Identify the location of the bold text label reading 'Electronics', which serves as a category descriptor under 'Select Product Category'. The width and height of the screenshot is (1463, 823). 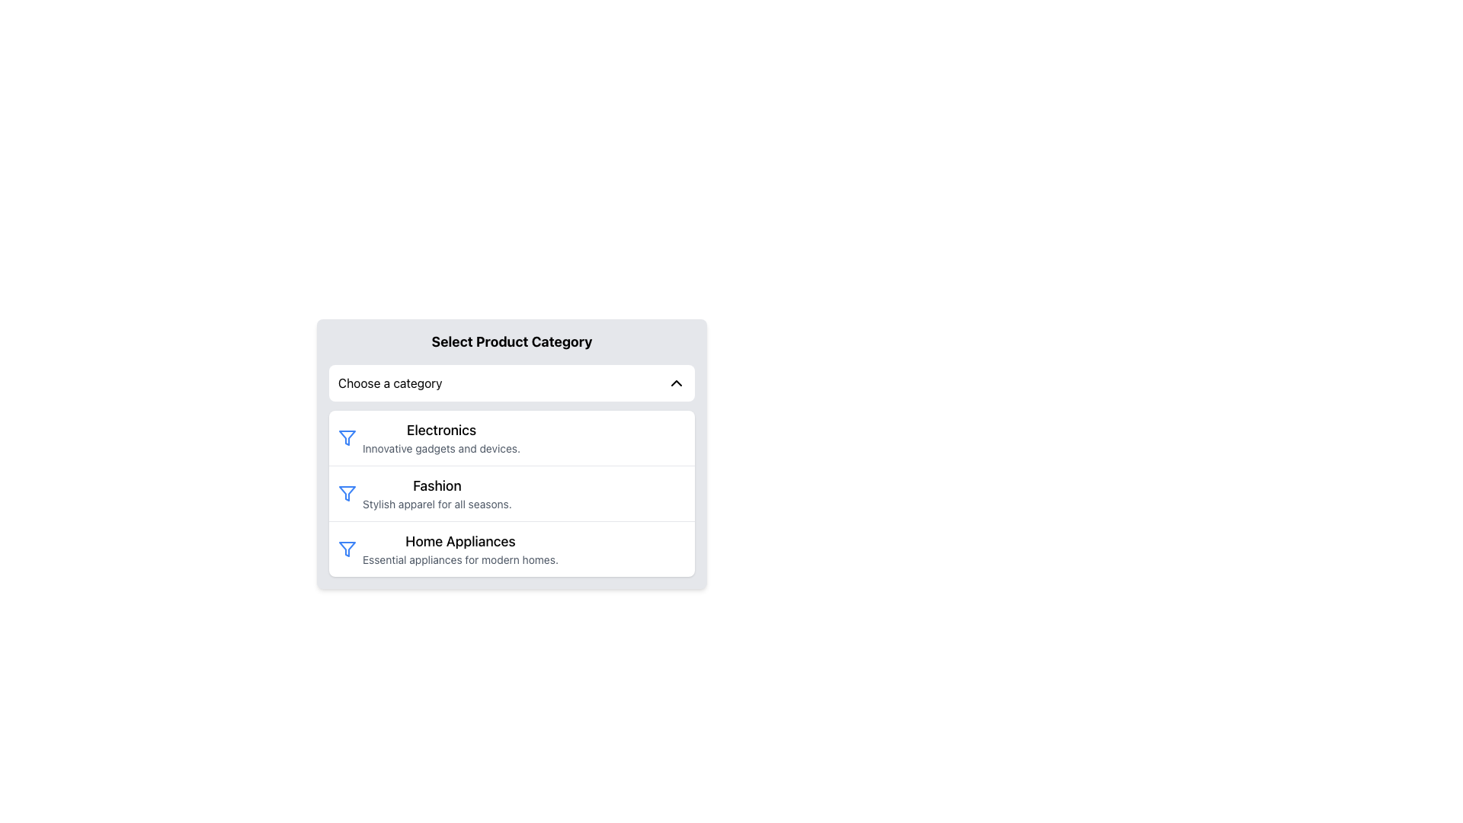
(440, 430).